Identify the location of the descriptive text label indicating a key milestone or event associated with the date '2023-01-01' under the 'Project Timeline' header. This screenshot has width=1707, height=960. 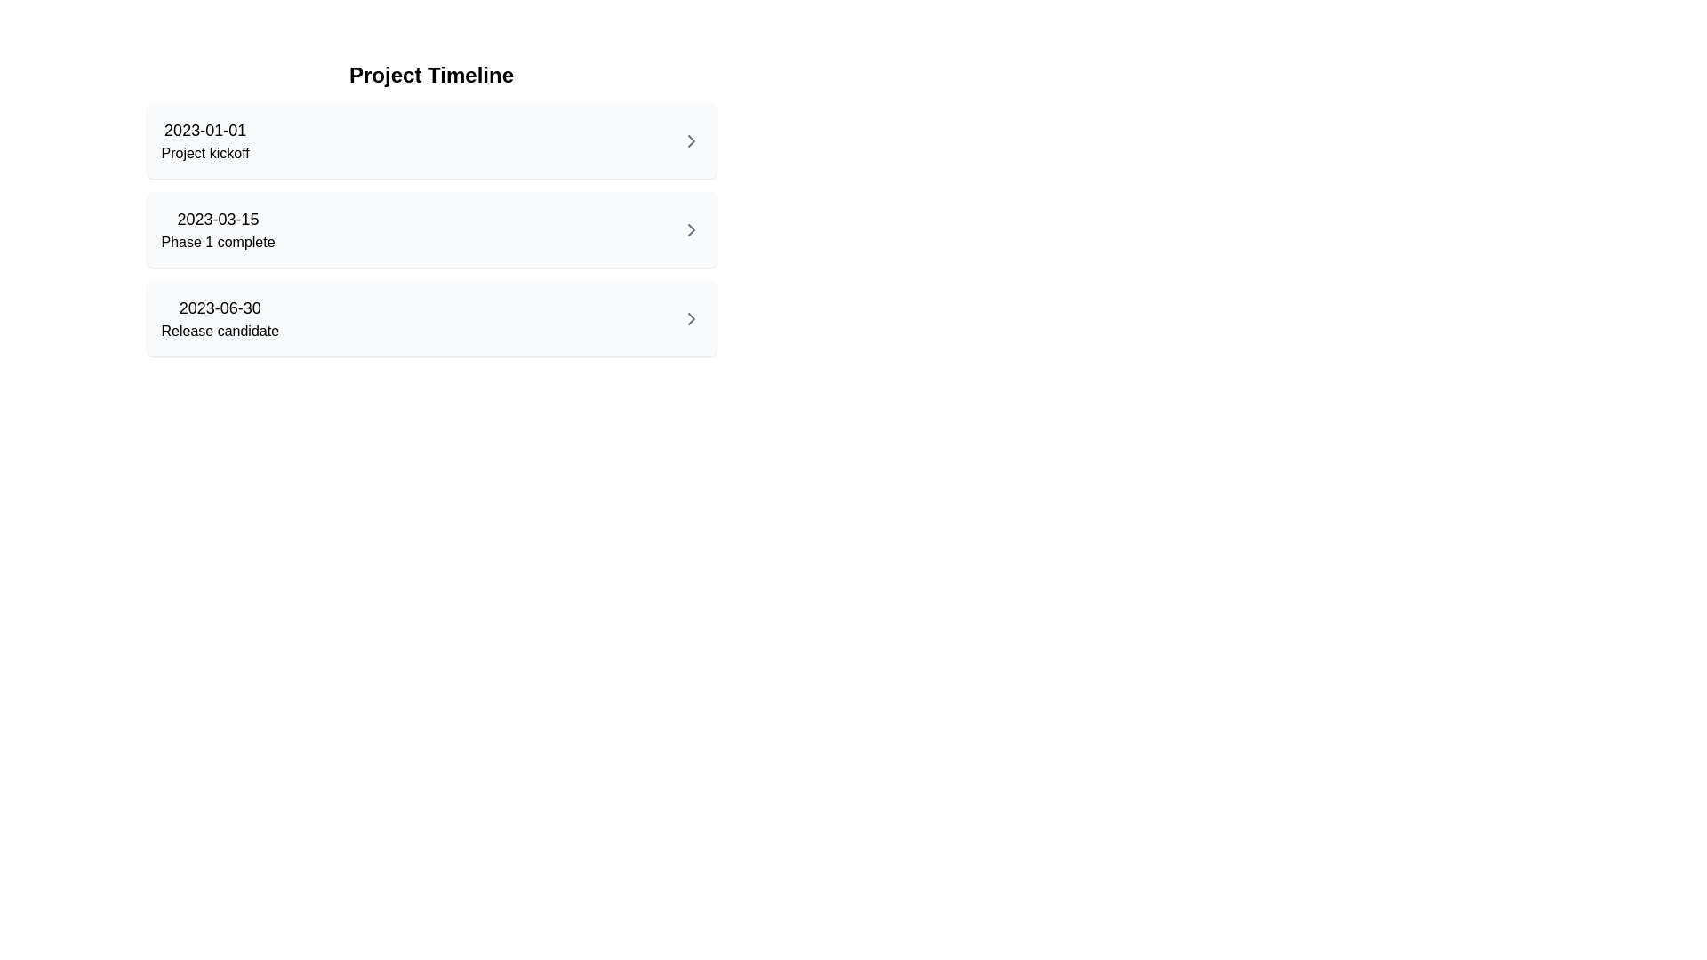
(205, 153).